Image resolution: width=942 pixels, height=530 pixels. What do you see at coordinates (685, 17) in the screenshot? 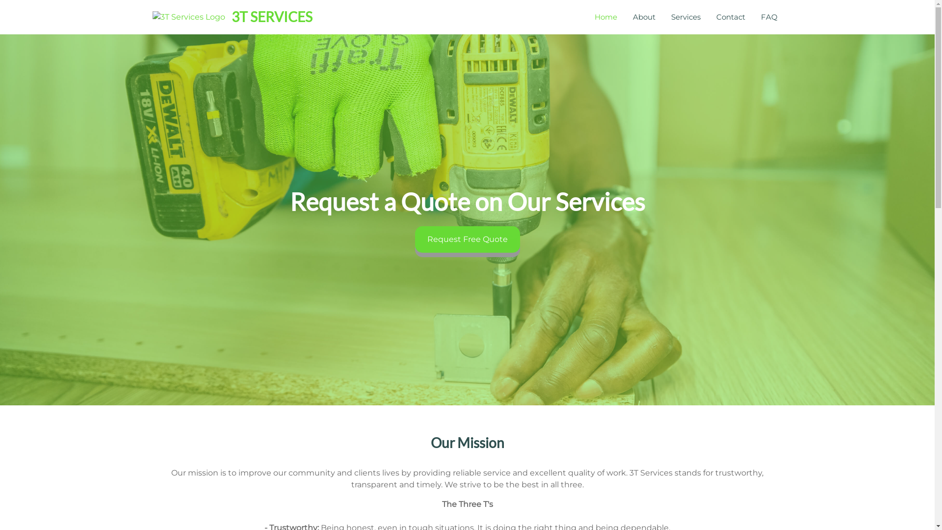
I see `'Services'` at bounding box center [685, 17].